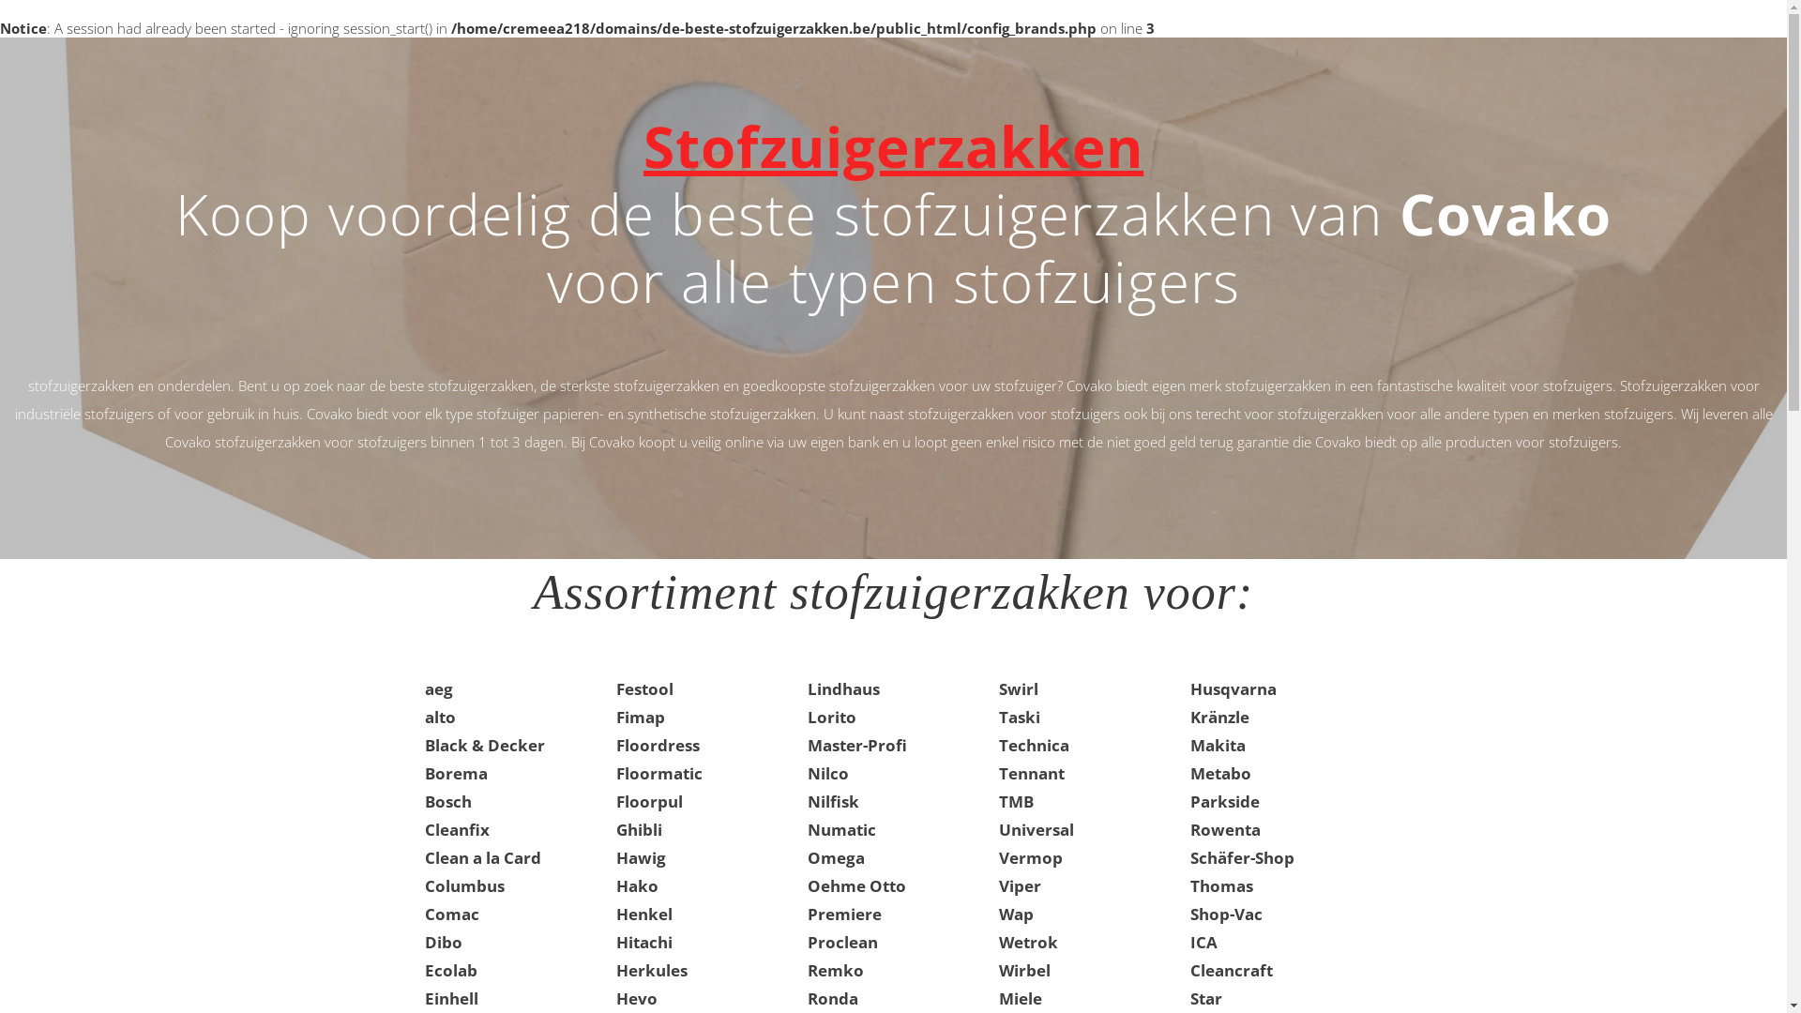 The height and width of the screenshot is (1013, 1801). What do you see at coordinates (831, 997) in the screenshot?
I see `'Ronda'` at bounding box center [831, 997].